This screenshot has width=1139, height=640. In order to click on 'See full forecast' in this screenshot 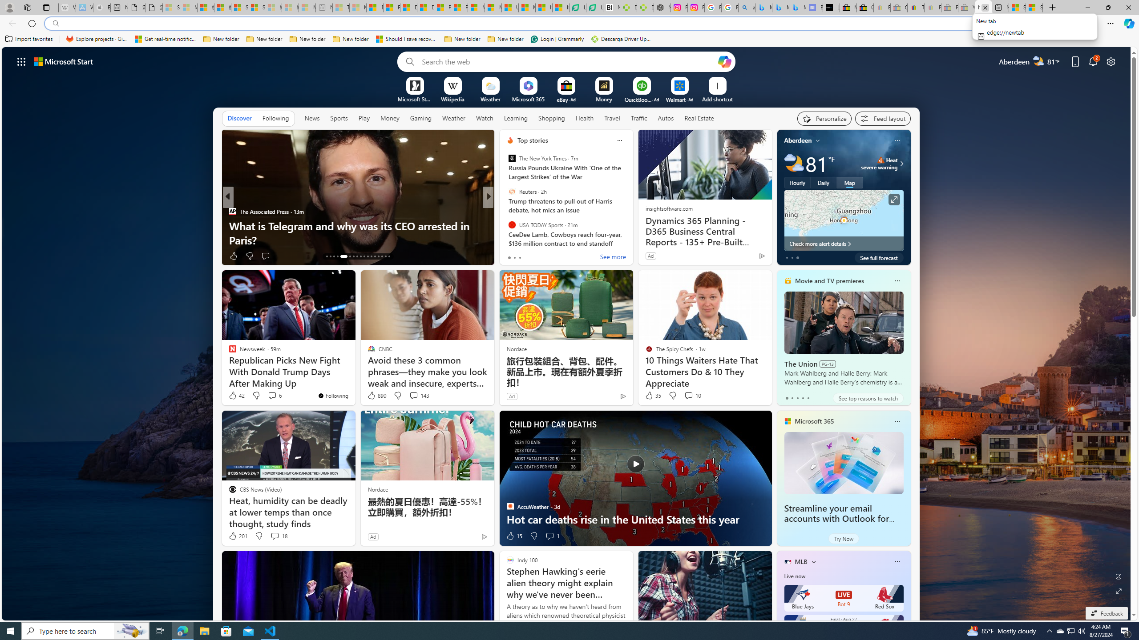, I will do `click(878, 257)`.